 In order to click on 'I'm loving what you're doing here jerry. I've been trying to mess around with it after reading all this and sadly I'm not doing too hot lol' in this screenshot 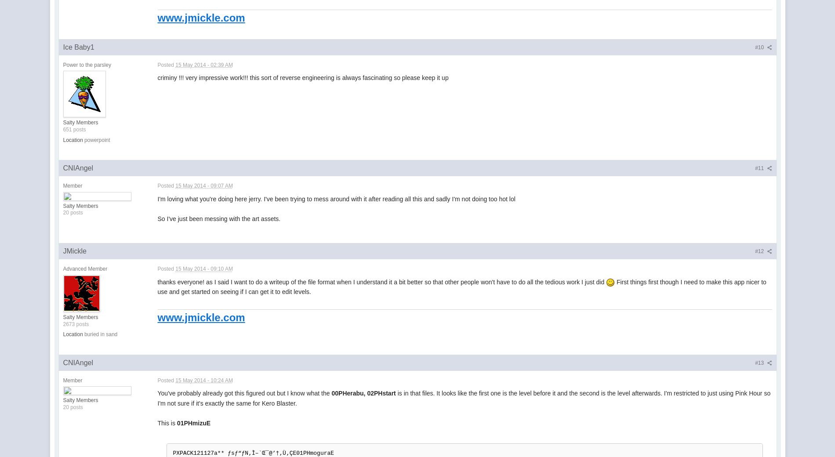, I will do `click(335, 198)`.